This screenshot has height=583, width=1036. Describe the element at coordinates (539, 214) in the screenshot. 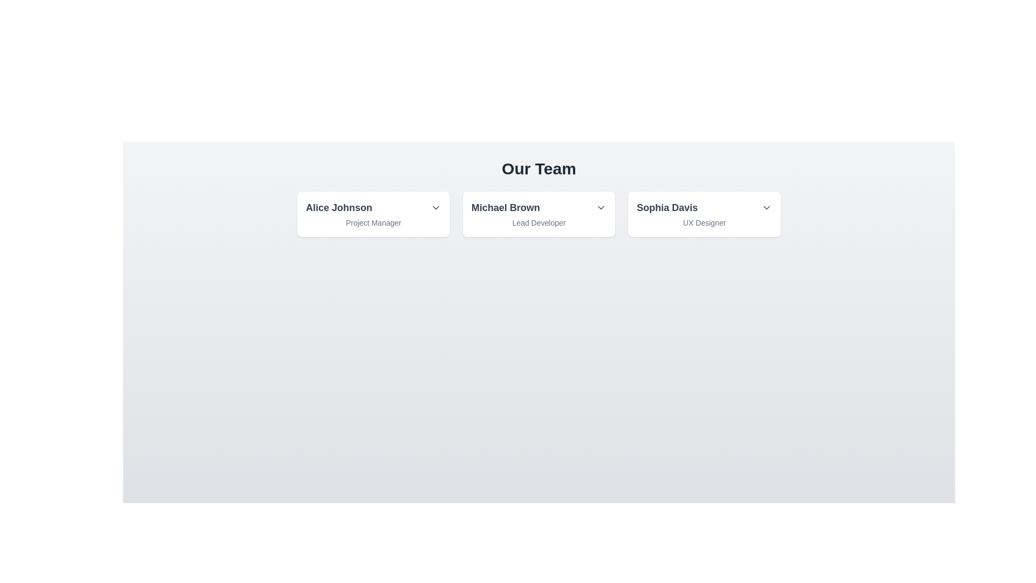

I see `the Profile Card for 'Michael Brown', which displays their role as 'Lead Developer' and is the second card in a grid layout` at that location.